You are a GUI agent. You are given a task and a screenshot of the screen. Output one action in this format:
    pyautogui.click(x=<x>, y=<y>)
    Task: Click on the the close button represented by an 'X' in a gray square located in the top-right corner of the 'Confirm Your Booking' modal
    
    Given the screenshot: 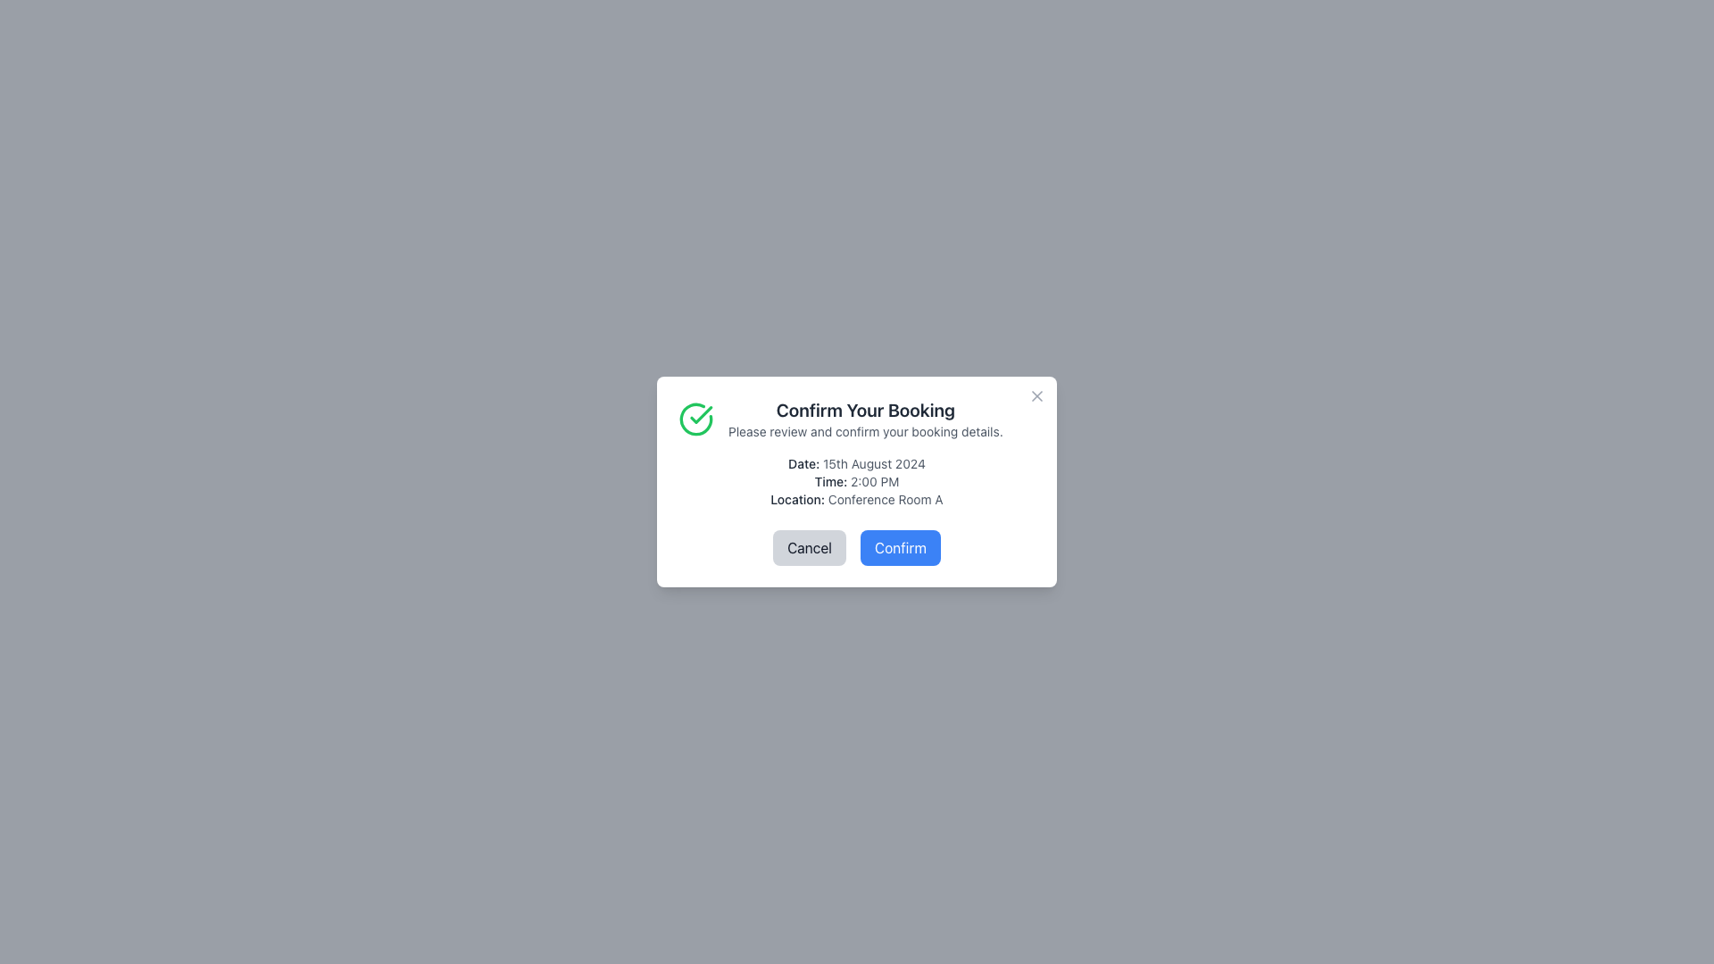 What is the action you would take?
    pyautogui.click(x=1036, y=395)
    